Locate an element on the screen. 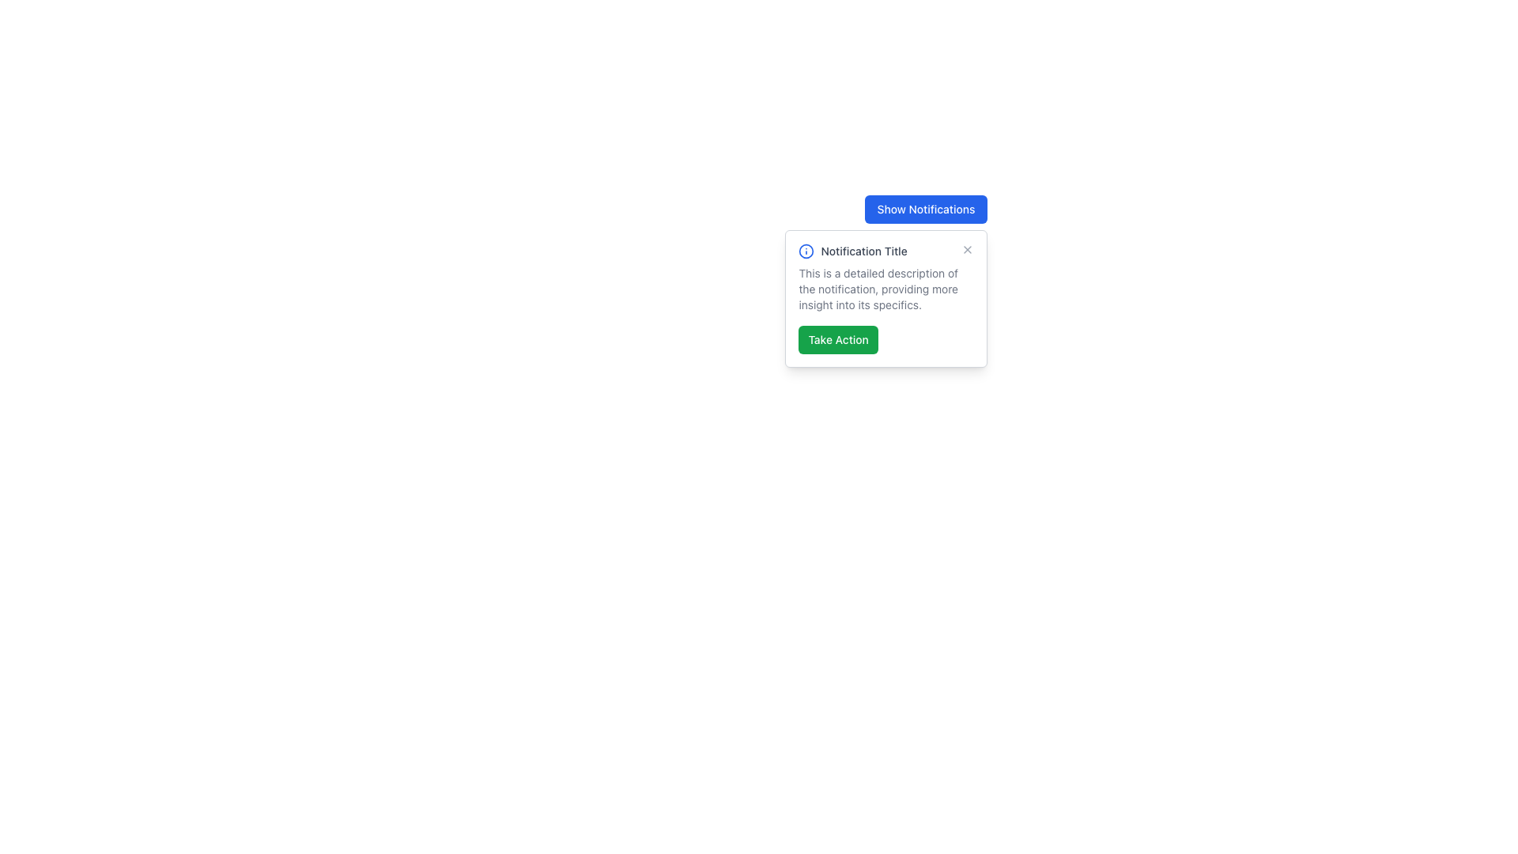 The width and height of the screenshot is (1518, 854). the 'Take Action' button with a green background and white text to observe any potential hover effect is located at coordinates (837, 338).